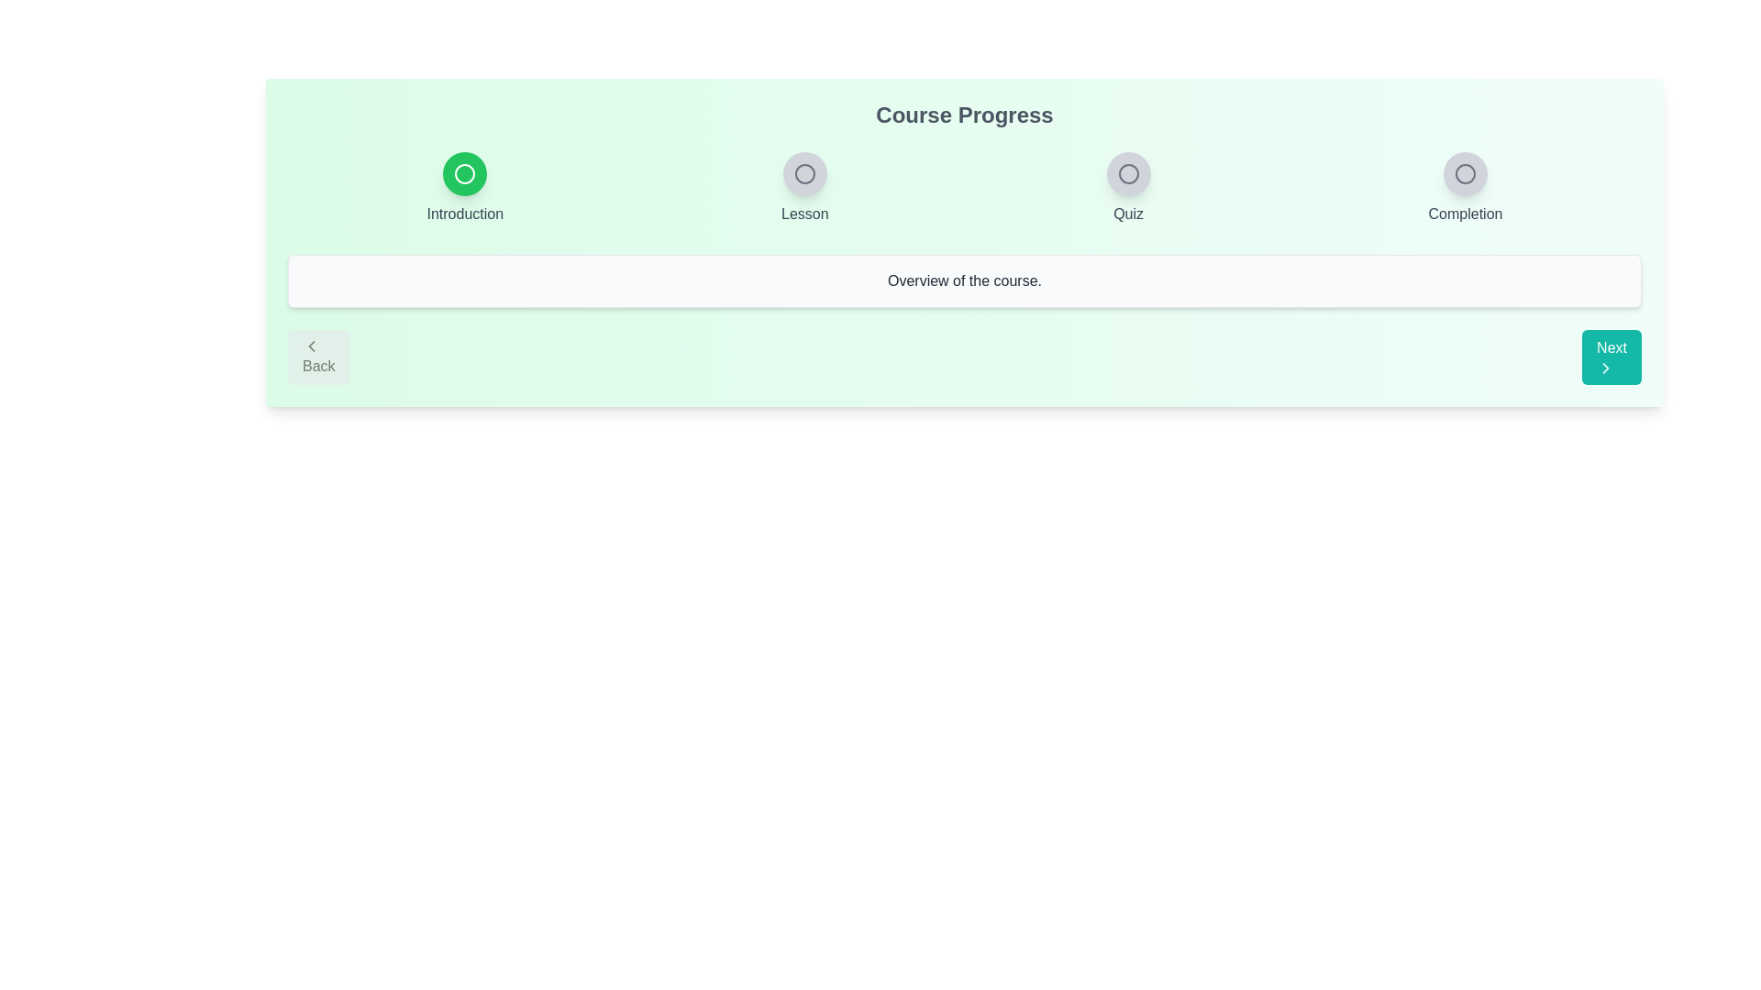 Image resolution: width=1761 pixels, height=990 pixels. Describe the element at coordinates (465, 188) in the screenshot. I see `the step indicator labeled Introduction to view its state` at that location.